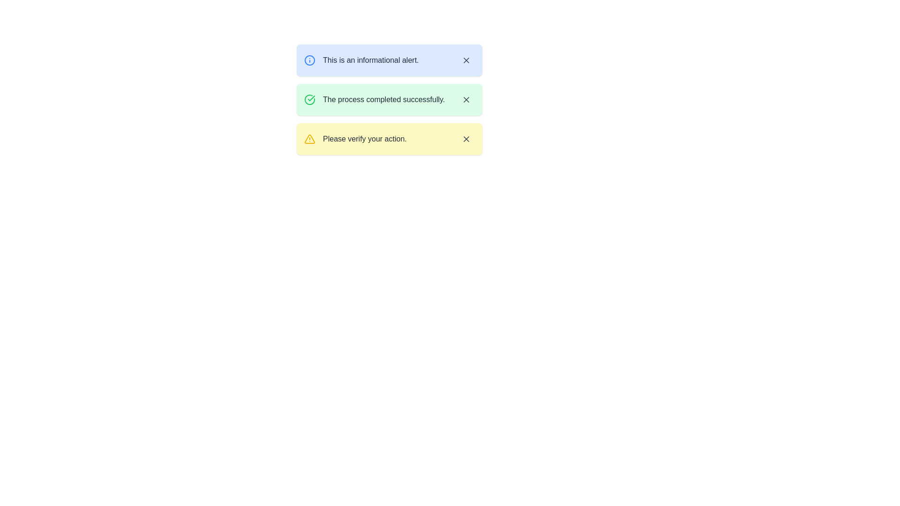 The image size is (900, 506). Describe the element at coordinates (364, 139) in the screenshot. I see `cautionary message text from the text label located in the lower-most alert message box, which is horizontally centered and positioned to the right of an alert icon` at that location.